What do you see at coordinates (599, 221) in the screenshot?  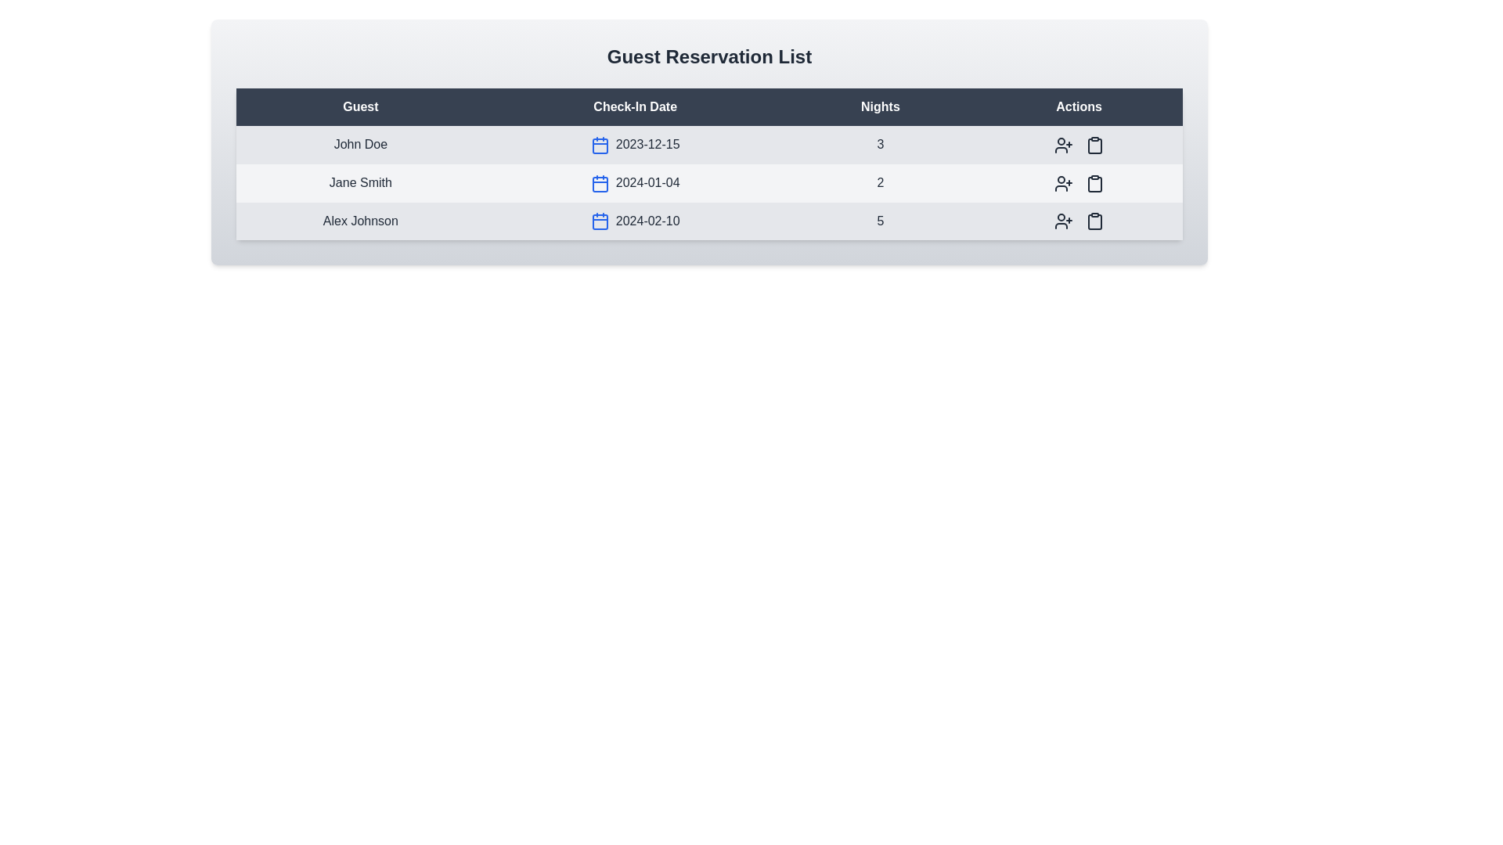 I see `the calendar icon located to the far-left of the cell containing the date '2024-02-10' in the last row of the 'Check-In Date' column in the 'Guest Reservation List' table` at bounding box center [599, 221].